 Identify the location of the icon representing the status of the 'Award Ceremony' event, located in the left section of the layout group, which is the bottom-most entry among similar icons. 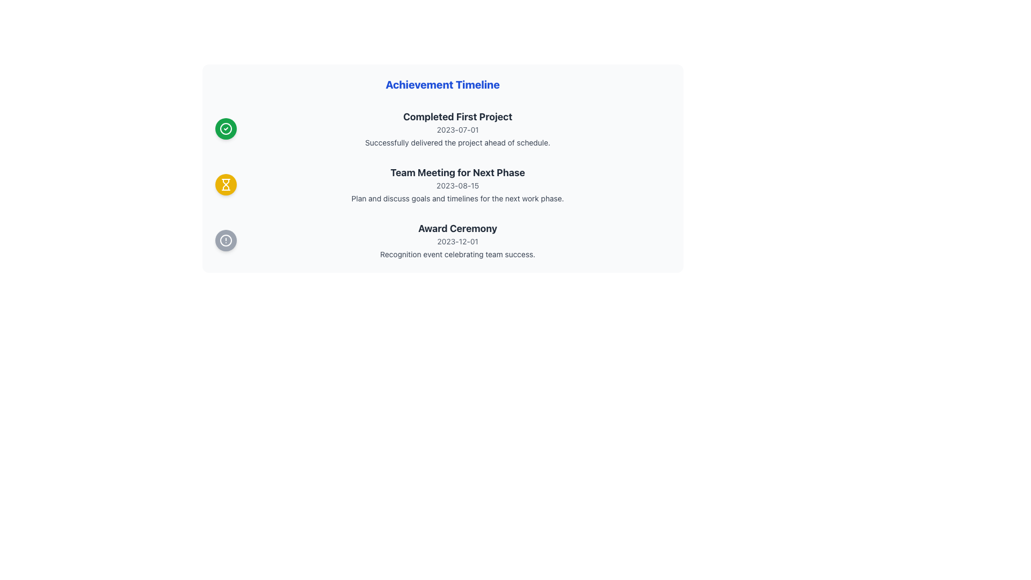
(225, 240).